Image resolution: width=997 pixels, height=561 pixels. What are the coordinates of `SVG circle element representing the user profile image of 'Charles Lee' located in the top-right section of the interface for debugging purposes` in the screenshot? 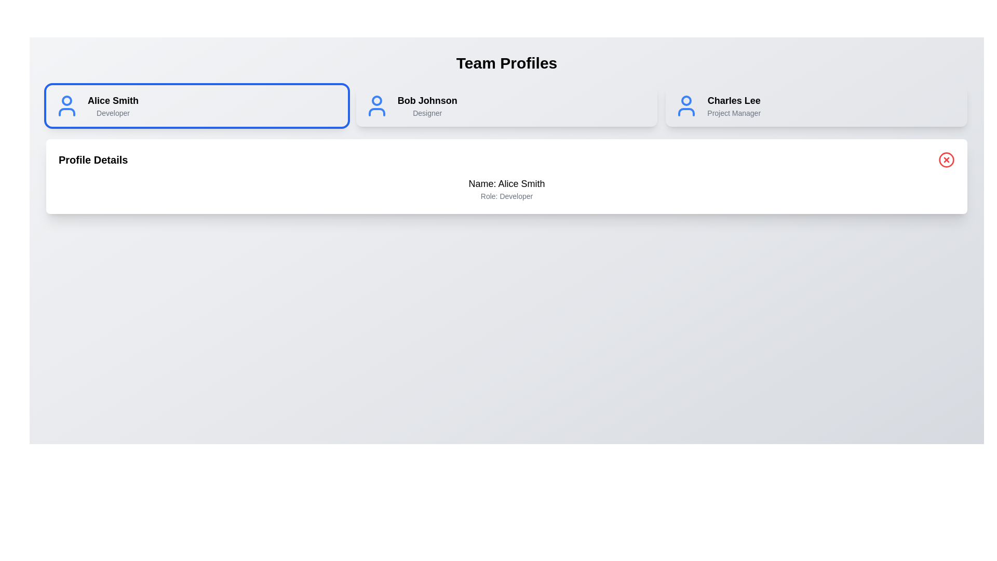 It's located at (686, 100).